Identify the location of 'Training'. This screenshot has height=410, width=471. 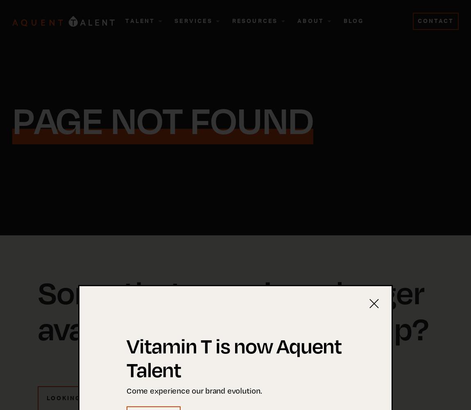
(138, 114).